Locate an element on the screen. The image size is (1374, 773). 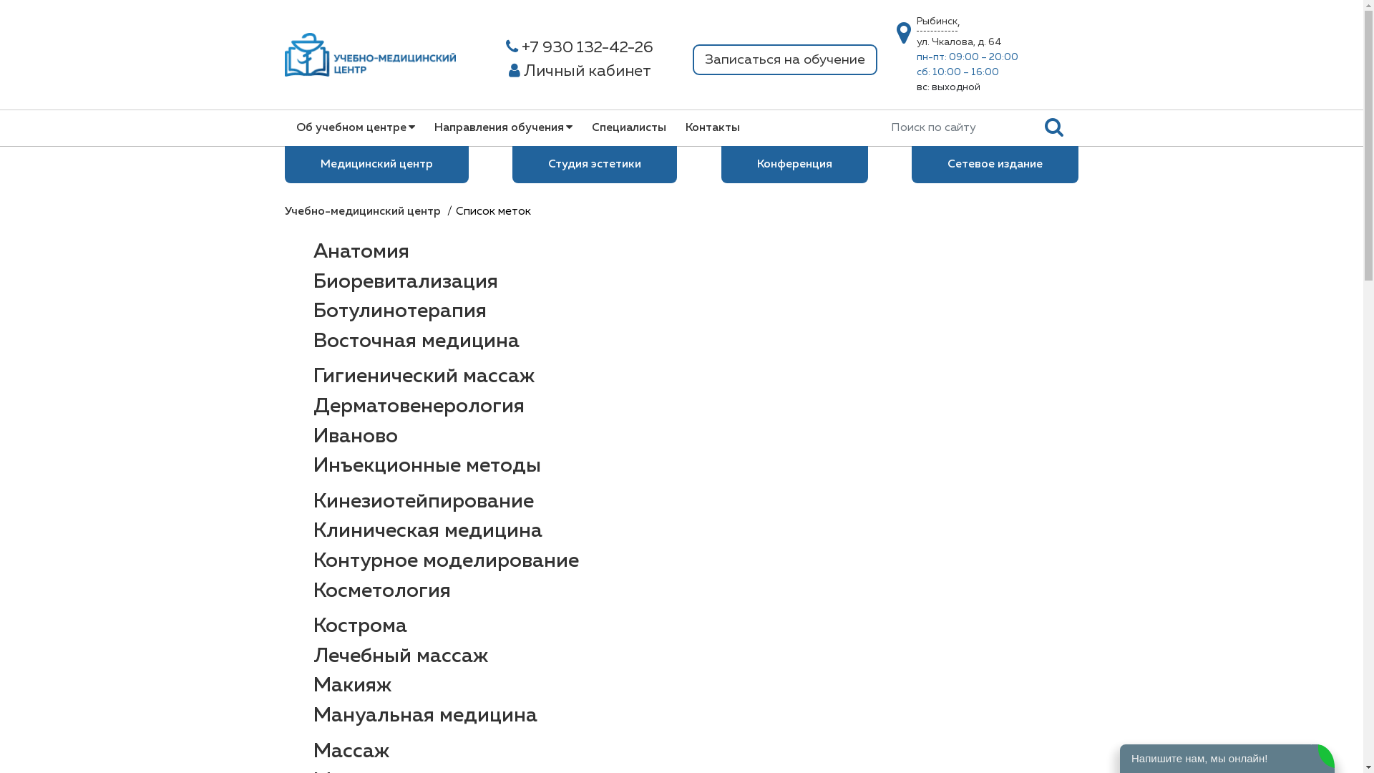
' +7 930 132-42-26' is located at coordinates (579, 47).